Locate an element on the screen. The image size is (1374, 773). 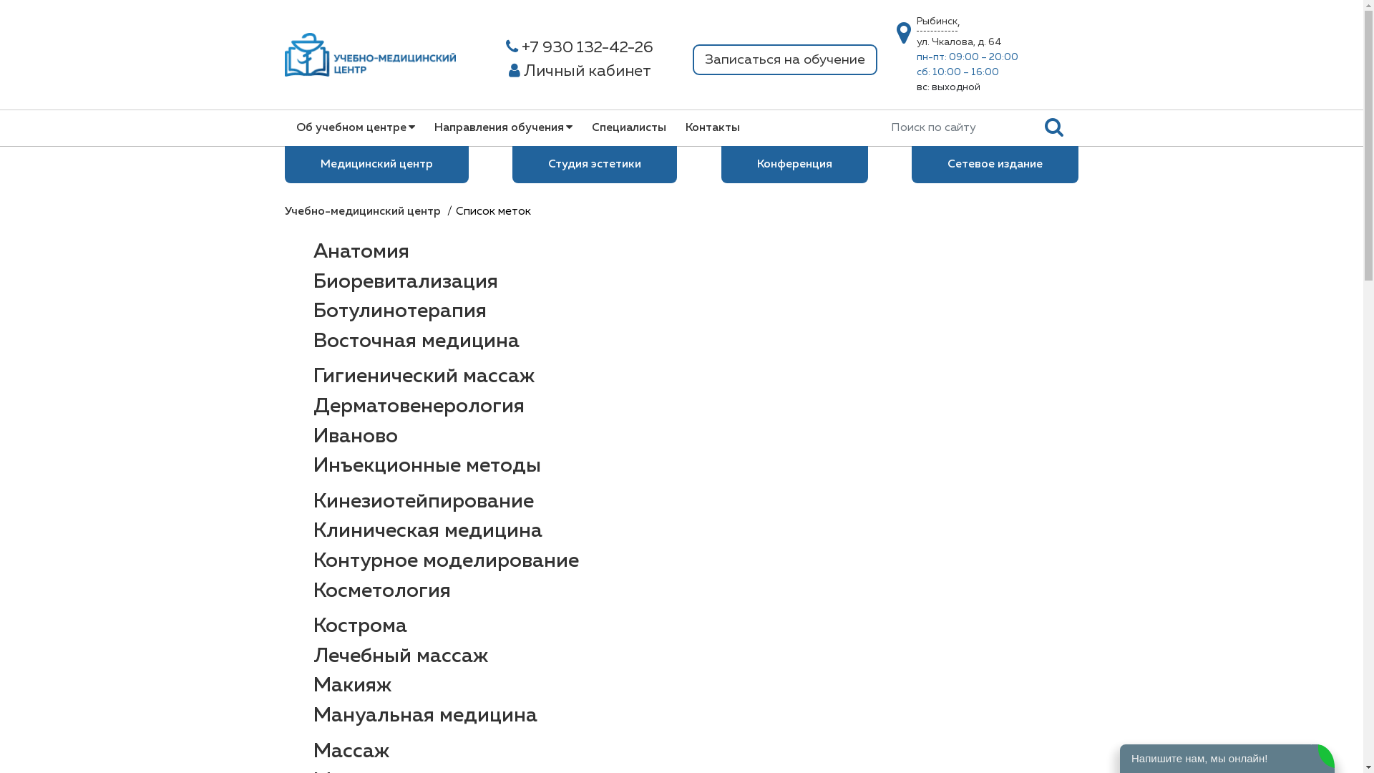
' +7 930 132-42-26' is located at coordinates (579, 47).